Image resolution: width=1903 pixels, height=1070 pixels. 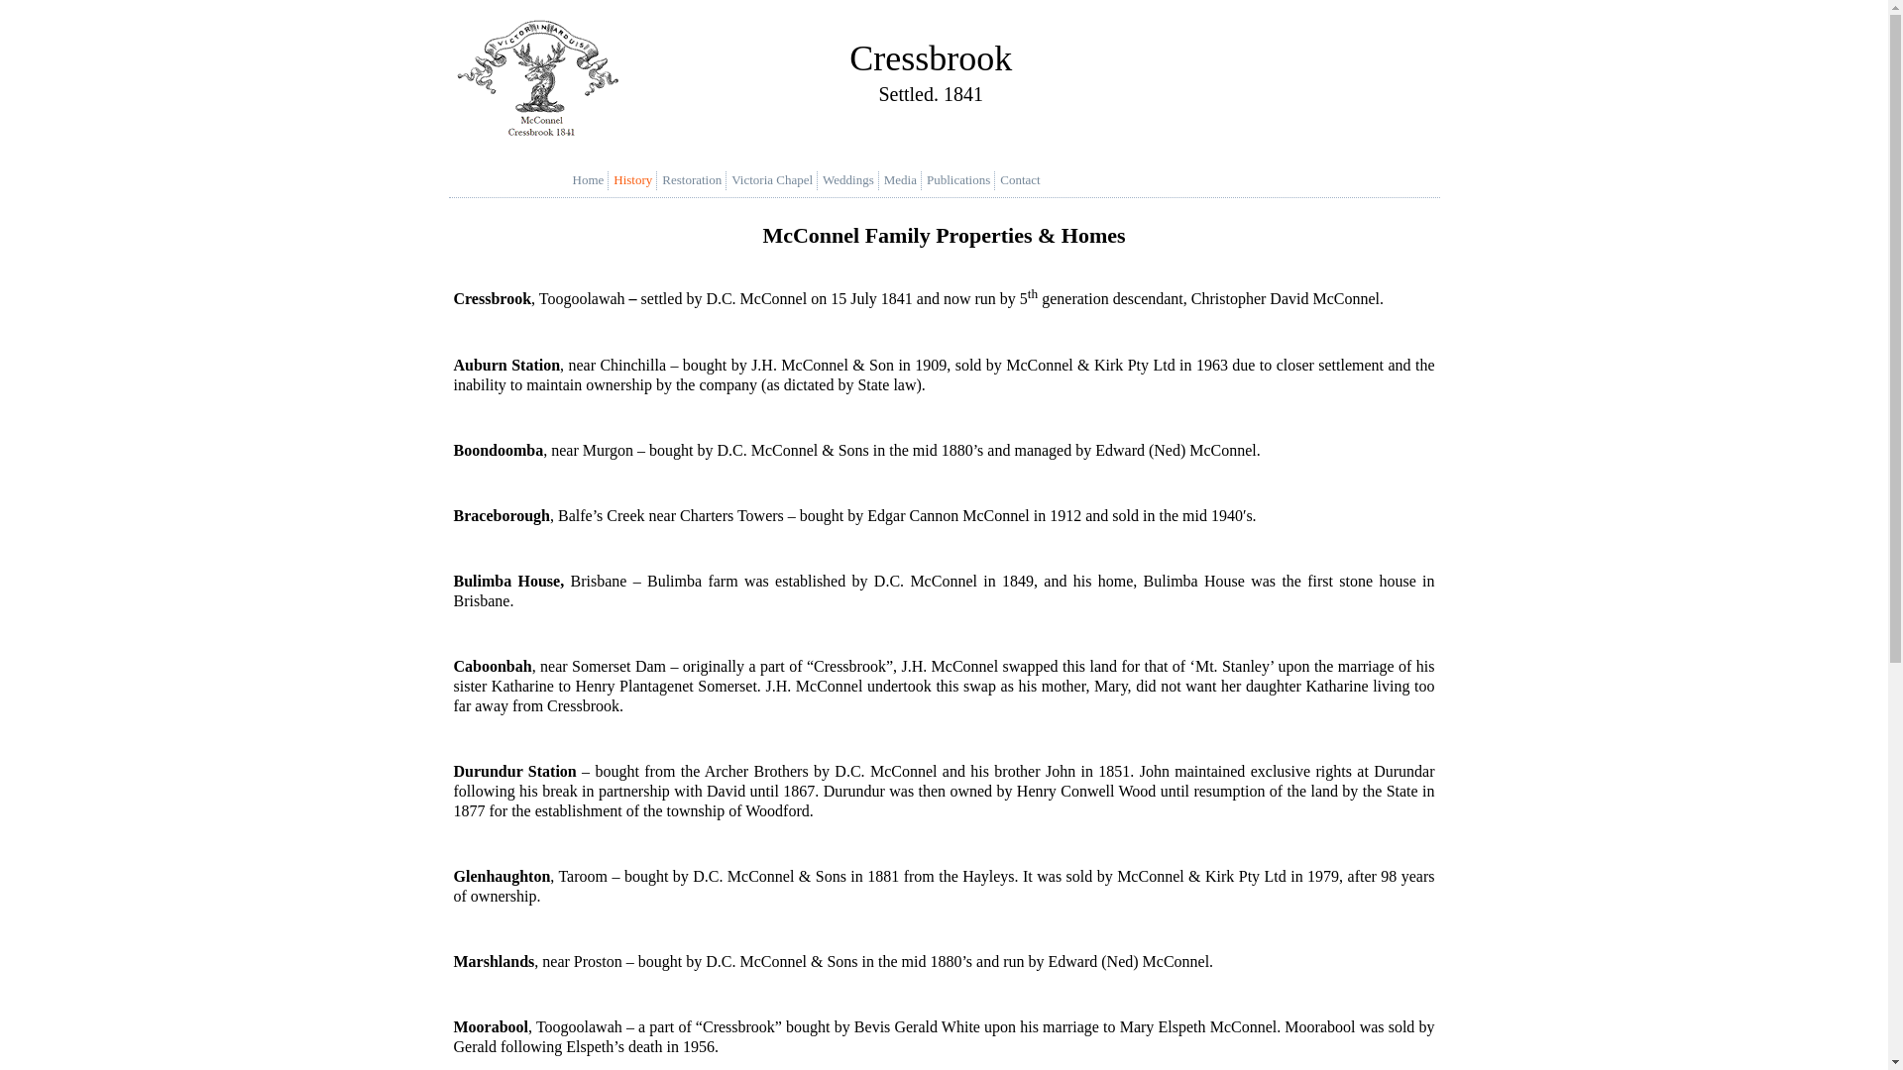 I want to click on 'Contact', so click(x=1024, y=179).